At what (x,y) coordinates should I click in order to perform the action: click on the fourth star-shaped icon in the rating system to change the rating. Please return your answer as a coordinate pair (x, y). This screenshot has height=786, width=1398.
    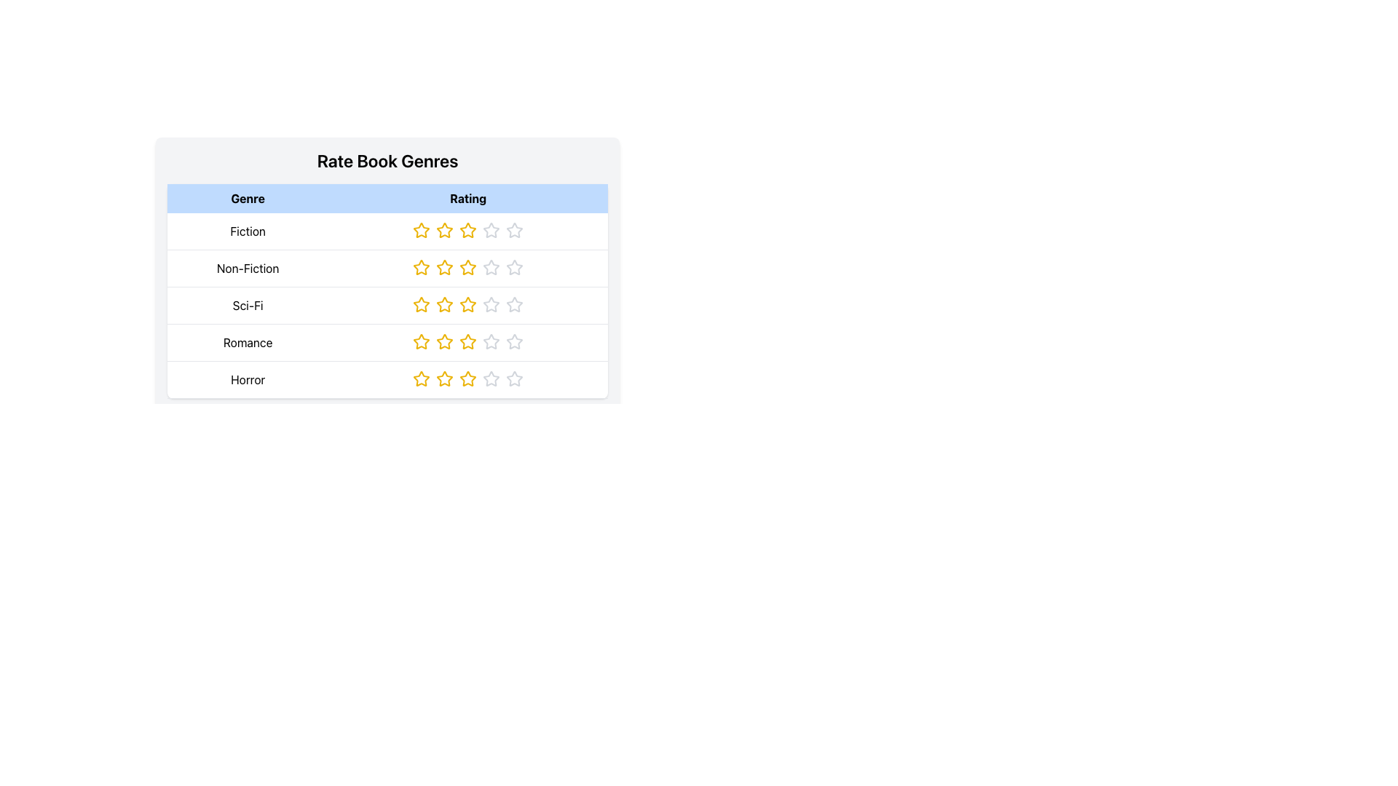
    Looking at the image, I should click on (491, 267).